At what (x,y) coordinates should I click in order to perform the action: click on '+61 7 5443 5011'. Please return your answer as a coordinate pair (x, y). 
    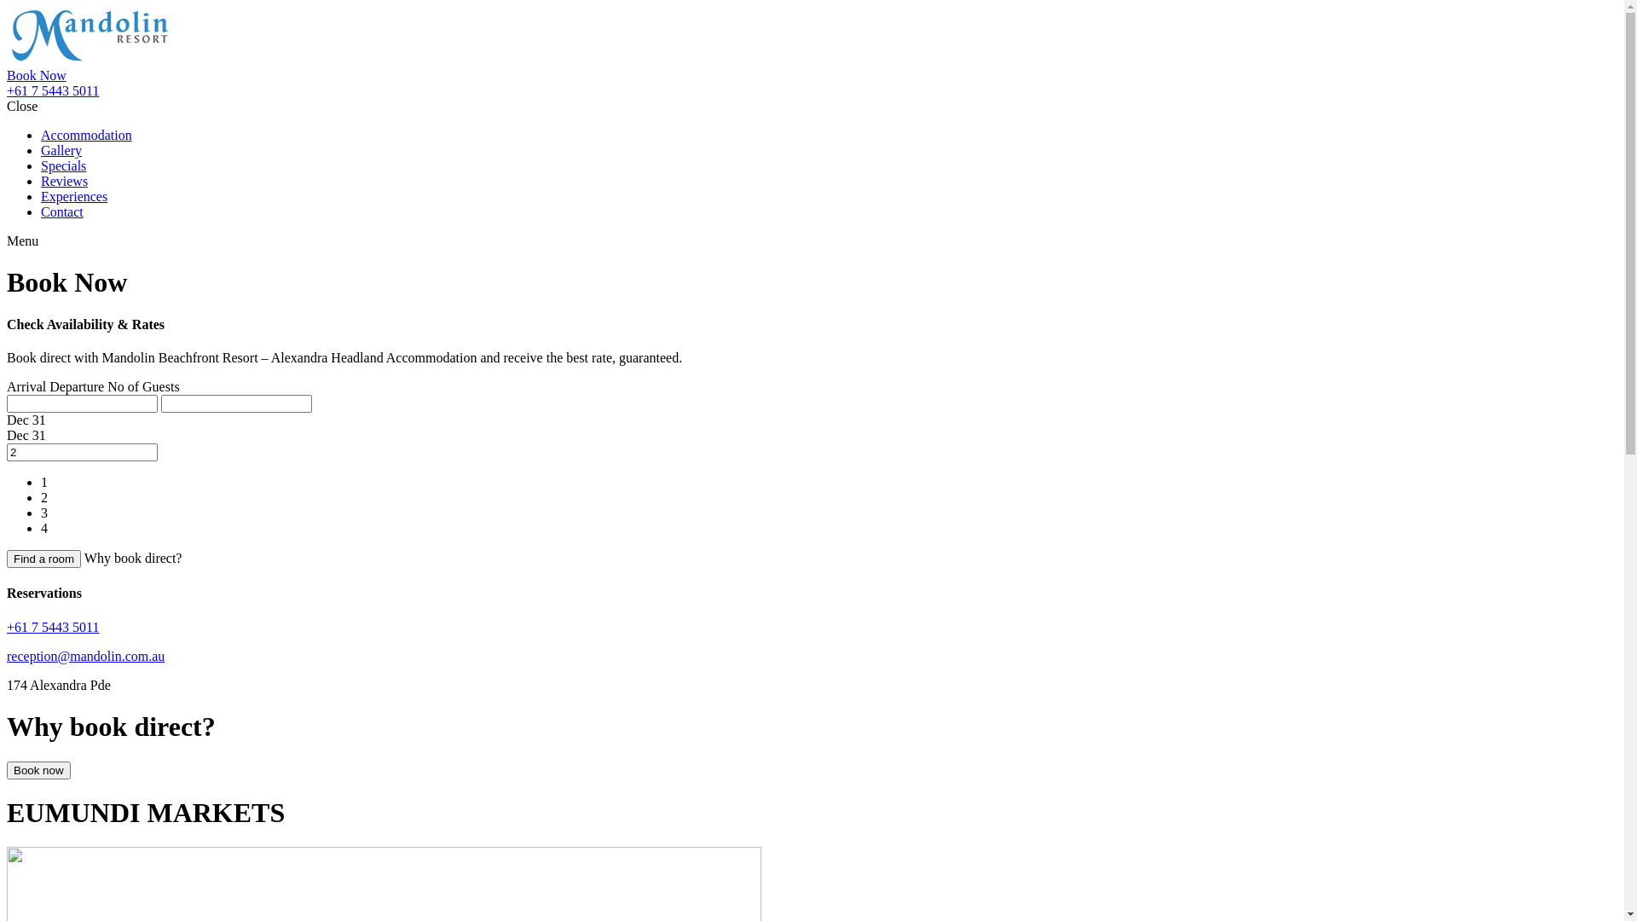
    Looking at the image, I should click on (53, 90).